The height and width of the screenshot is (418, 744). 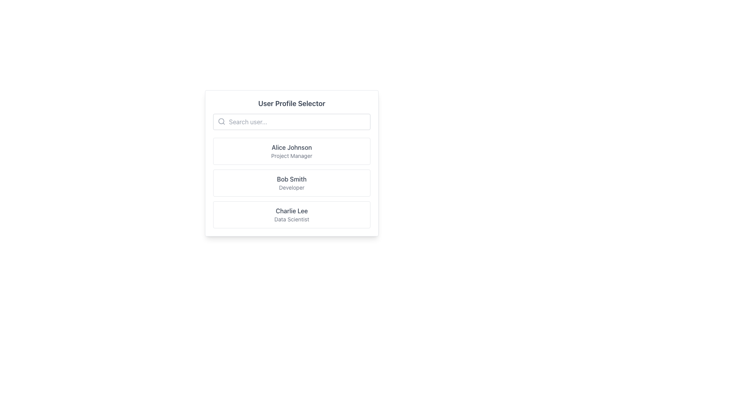 I want to click on the static text label displaying 'Developer' located below the name 'Bob Smith' in the third user profile card, so click(x=291, y=188).